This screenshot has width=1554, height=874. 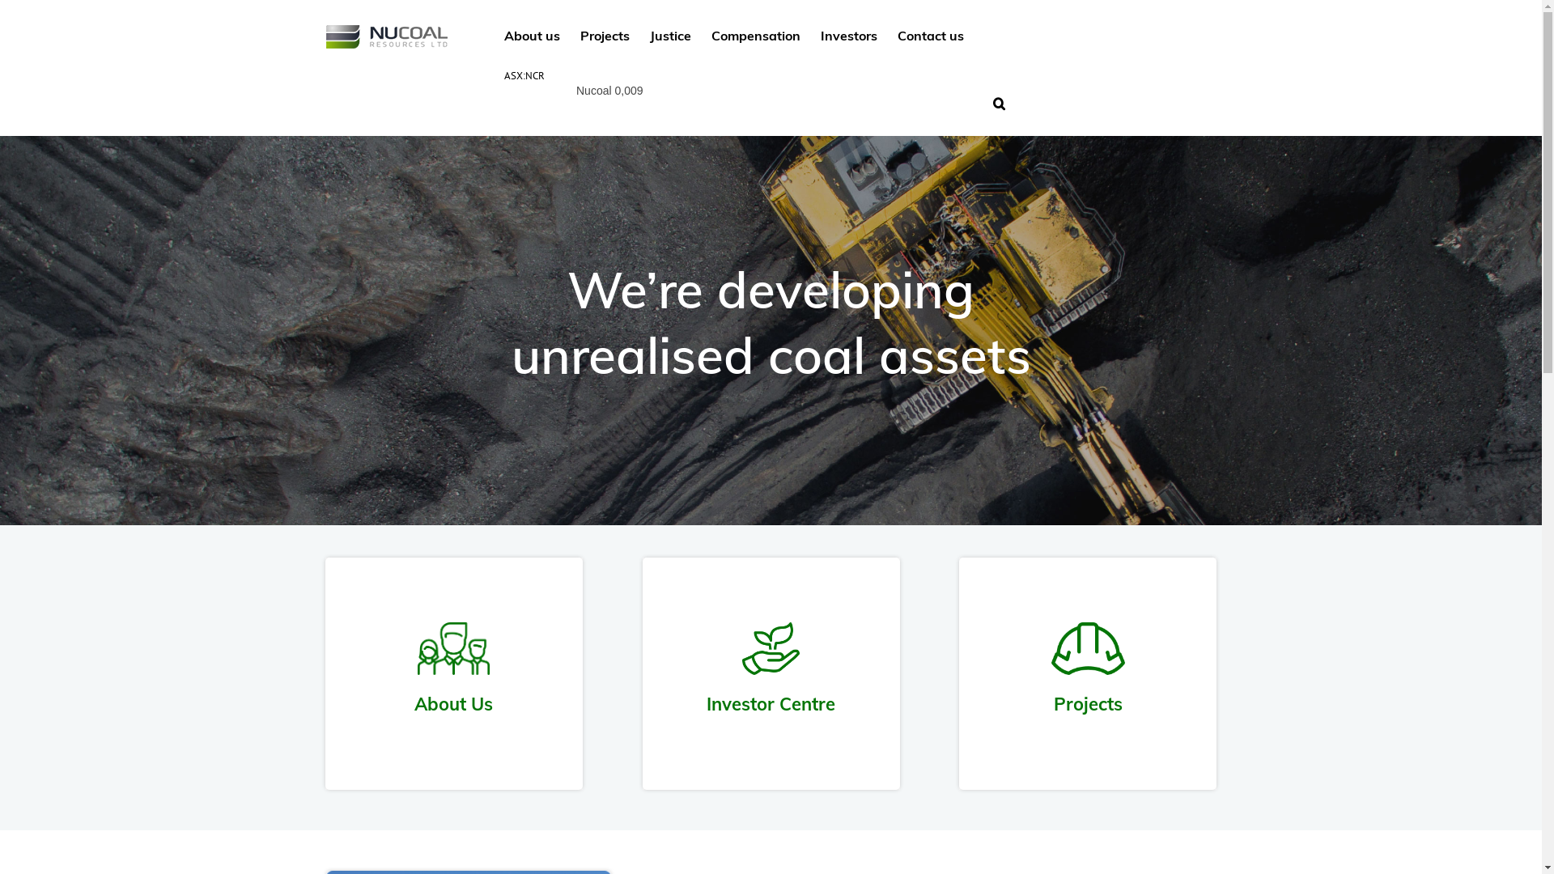 I want to click on 'About us', so click(x=531, y=34).